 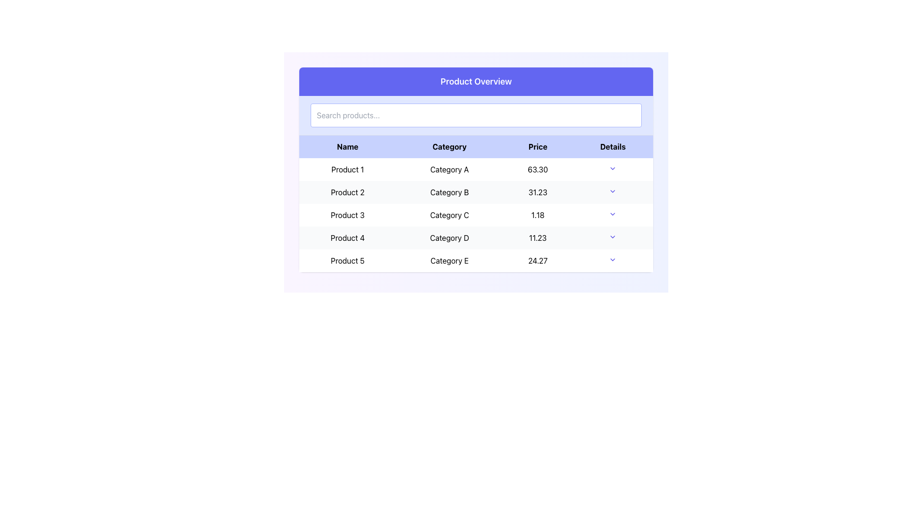 I want to click on text from the Text Label displaying 'Product 1' located in the first row under the 'Name' column of the table, so click(x=347, y=169).